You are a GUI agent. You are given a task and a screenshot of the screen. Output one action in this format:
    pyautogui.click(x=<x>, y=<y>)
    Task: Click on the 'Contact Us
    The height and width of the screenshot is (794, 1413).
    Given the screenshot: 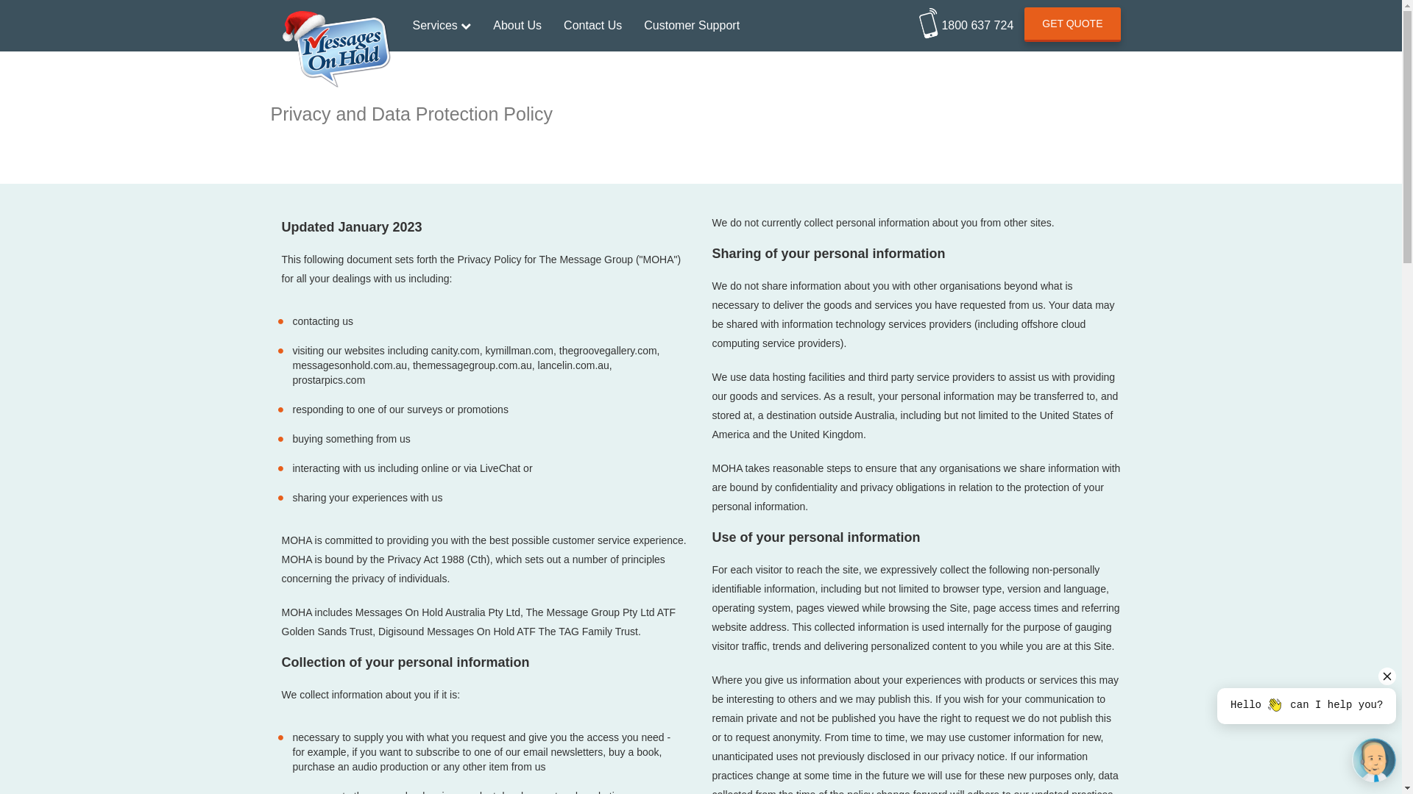 What is the action you would take?
    pyautogui.click(x=592, y=25)
    